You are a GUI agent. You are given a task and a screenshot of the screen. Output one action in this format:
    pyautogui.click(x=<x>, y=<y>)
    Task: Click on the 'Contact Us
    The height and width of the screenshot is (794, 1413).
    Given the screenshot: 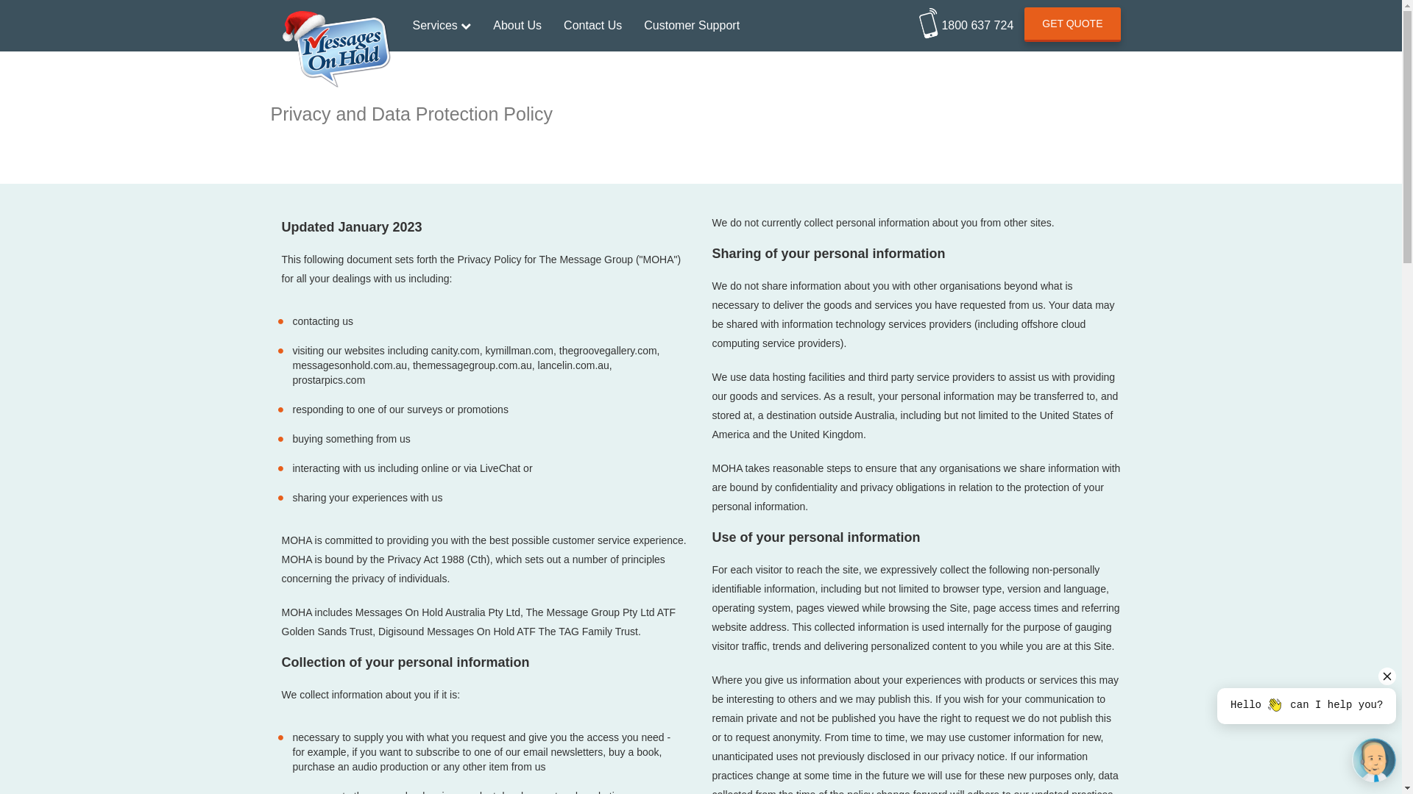 What is the action you would take?
    pyautogui.click(x=592, y=25)
    